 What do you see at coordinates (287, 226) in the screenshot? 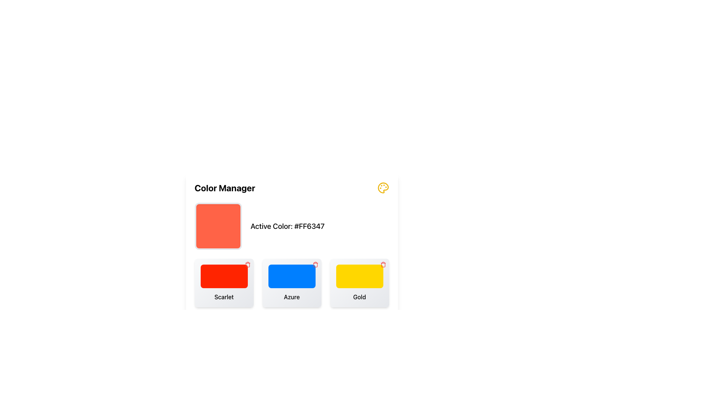
I see `text displayed in the Static Label that shows the currently selected color, which is located in the 'Color Manager' section, next to the color preview box` at bounding box center [287, 226].